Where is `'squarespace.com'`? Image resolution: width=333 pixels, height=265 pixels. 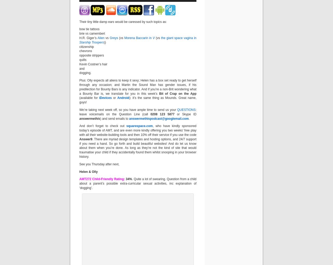 'squarespace.com' is located at coordinates (139, 126).